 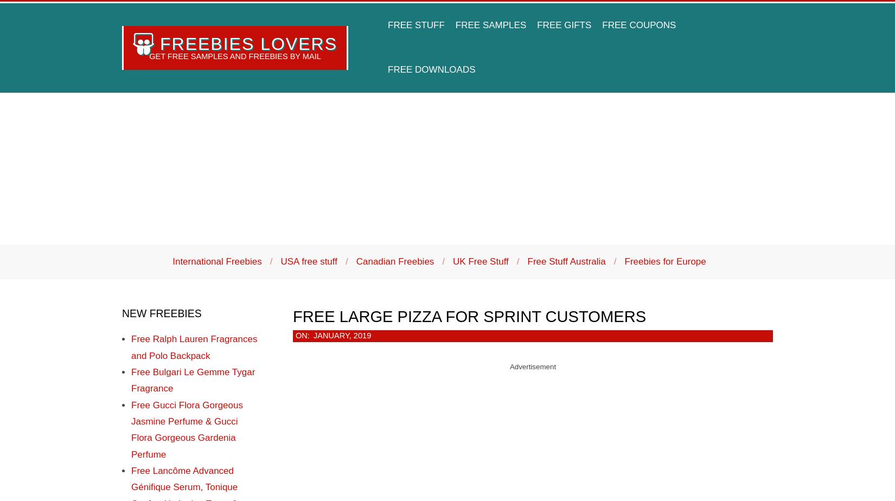 What do you see at coordinates (415, 25) in the screenshot?
I see `'Free Stuff'` at bounding box center [415, 25].